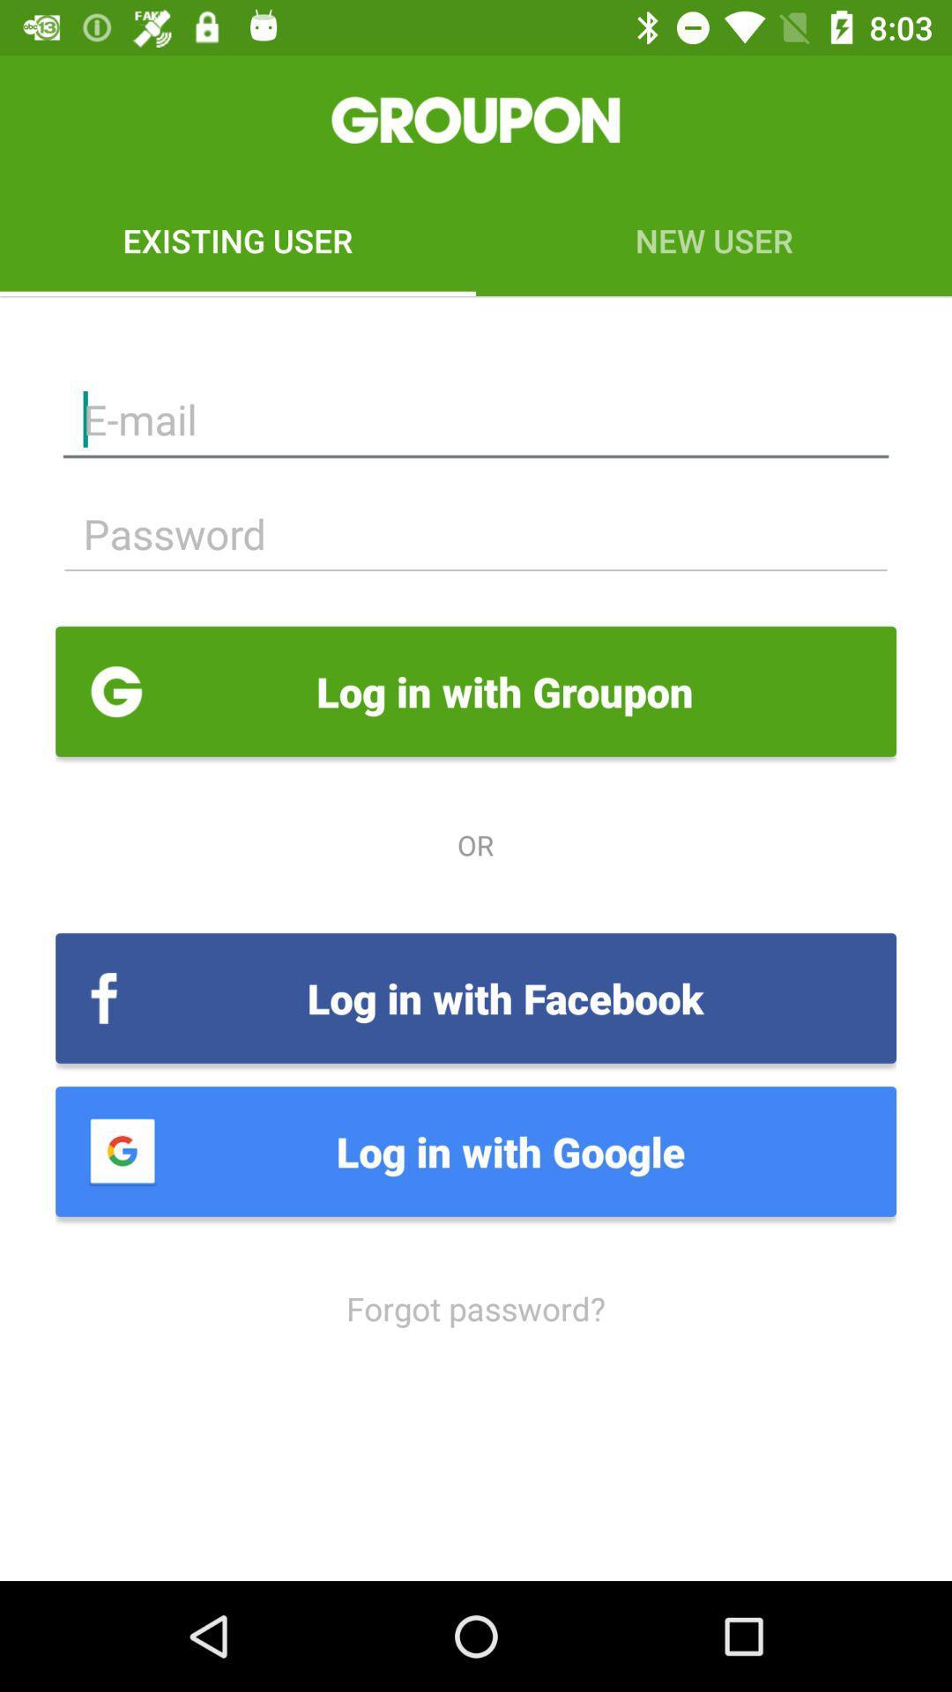  What do you see at coordinates (238, 240) in the screenshot?
I see `app next to new user app` at bounding box center [238, 240].